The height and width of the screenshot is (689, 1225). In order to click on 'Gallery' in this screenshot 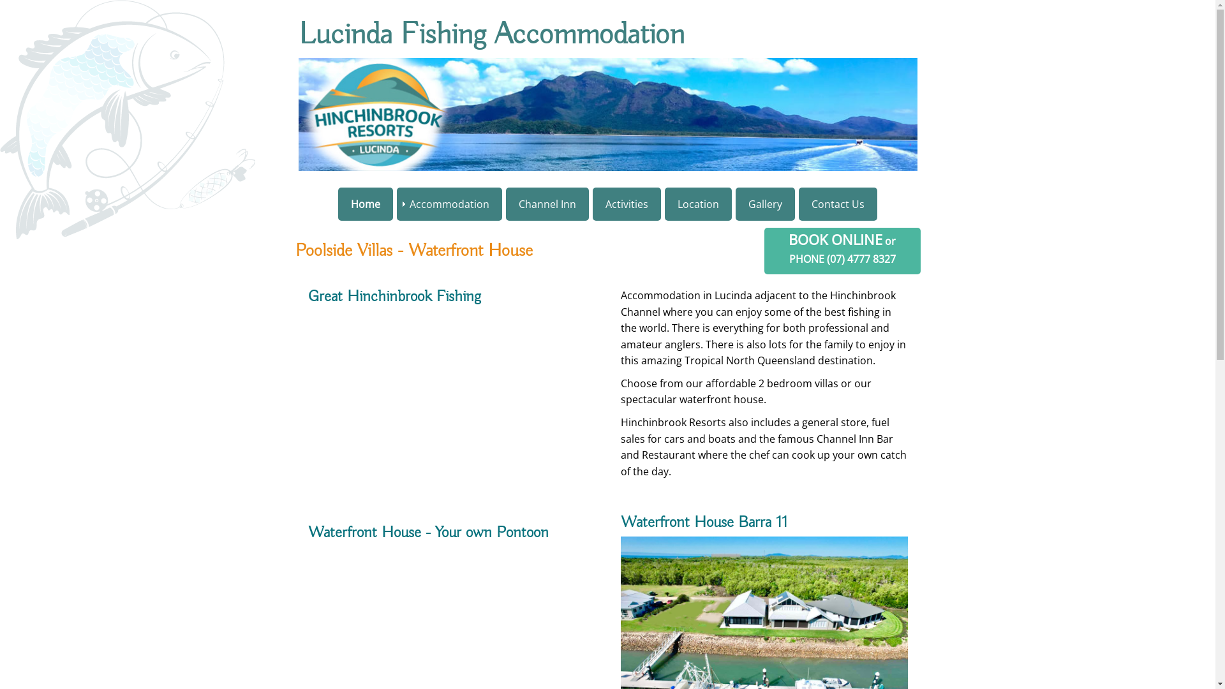, I will do `click(765, 204)`.